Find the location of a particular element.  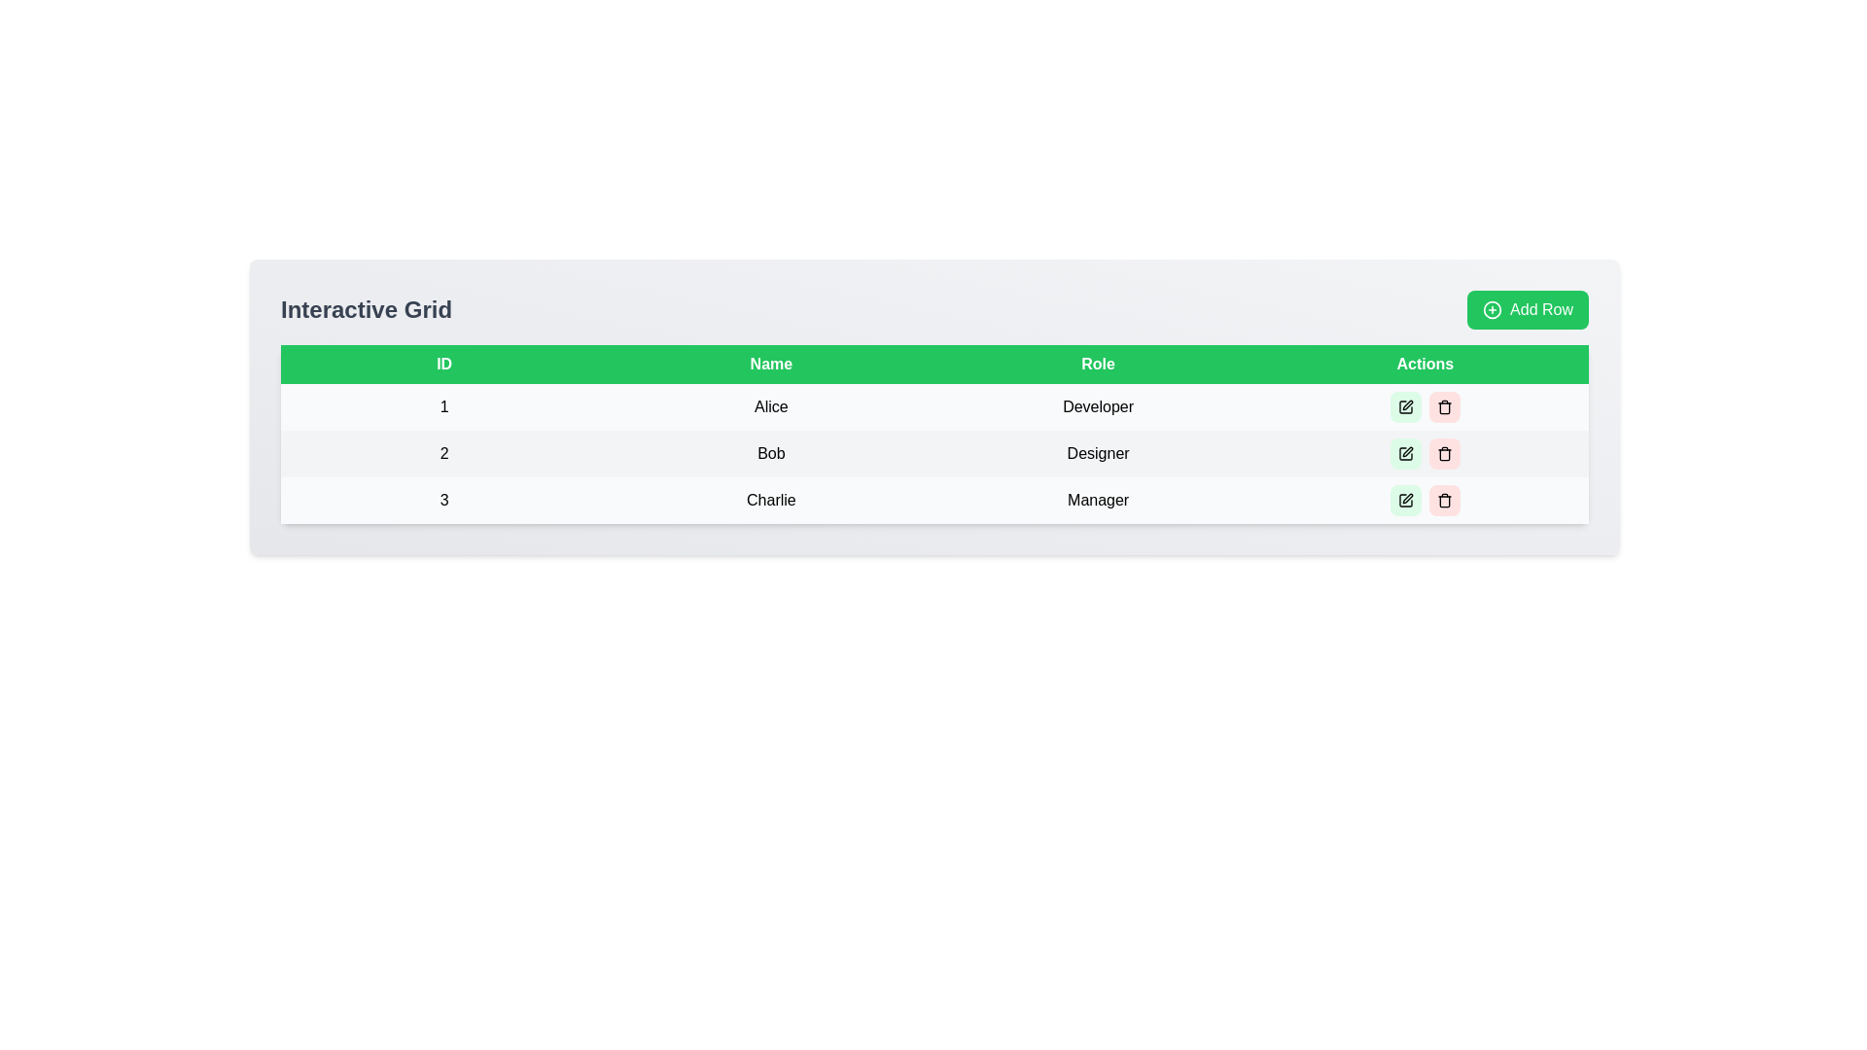

the adjacent edit and delete buttons by clicking on the separator icon located in the 'Actions' column of the second row of the 'Interactive Grid' is located at coordinates (1425, 453).